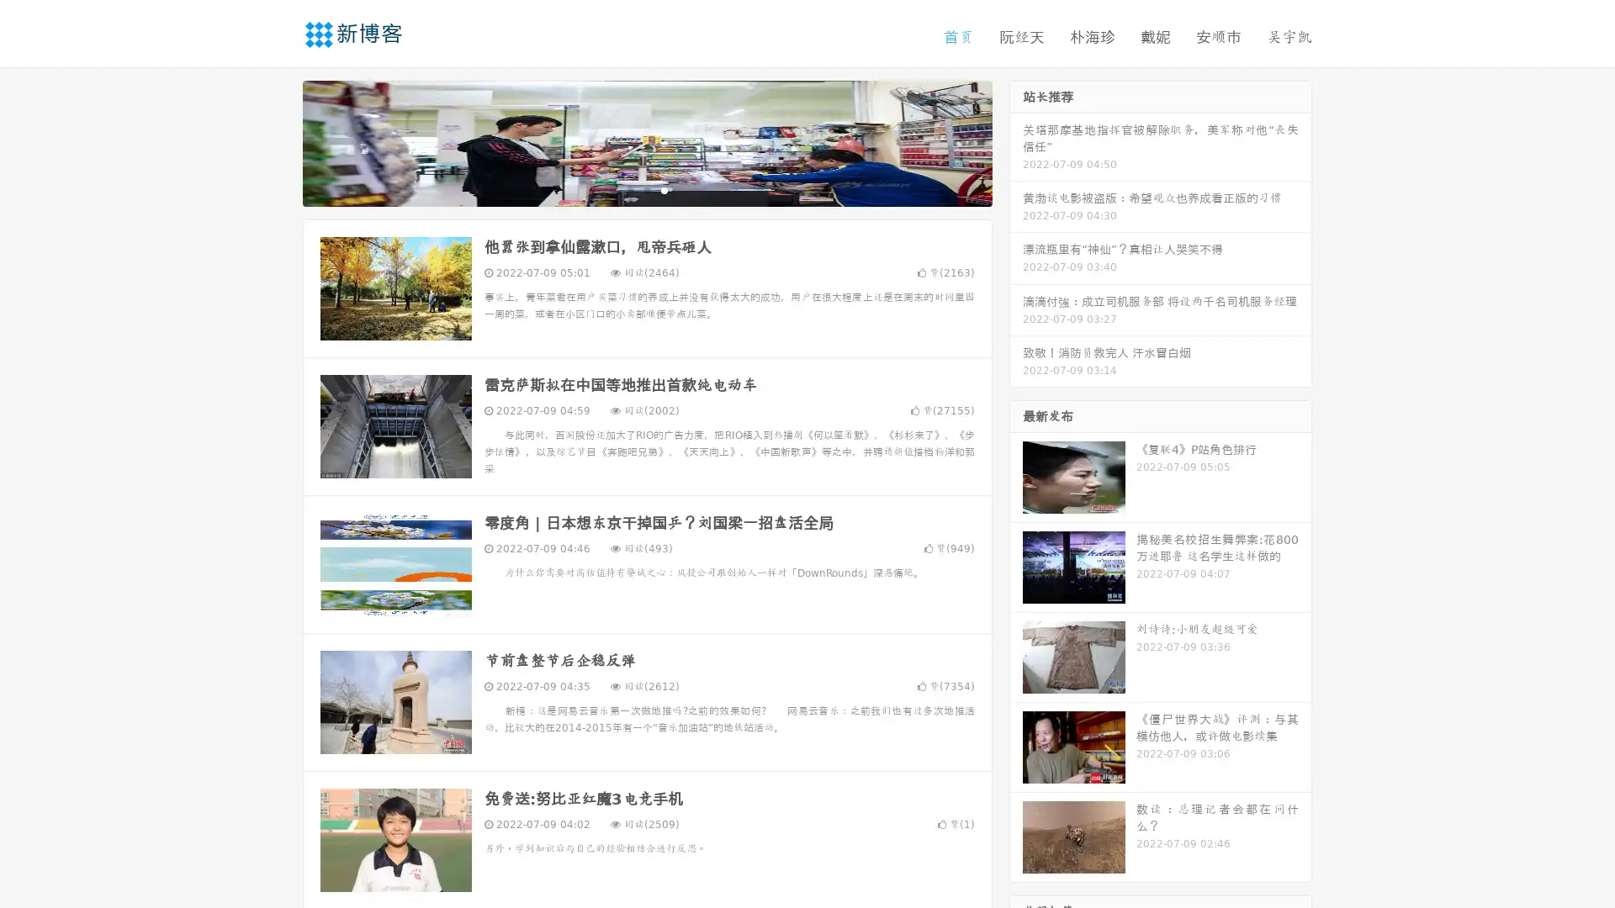 Image resolution: width=1615 pixels, height=908 pixels. I want to click on Go to slide 1, so click(629, 189).